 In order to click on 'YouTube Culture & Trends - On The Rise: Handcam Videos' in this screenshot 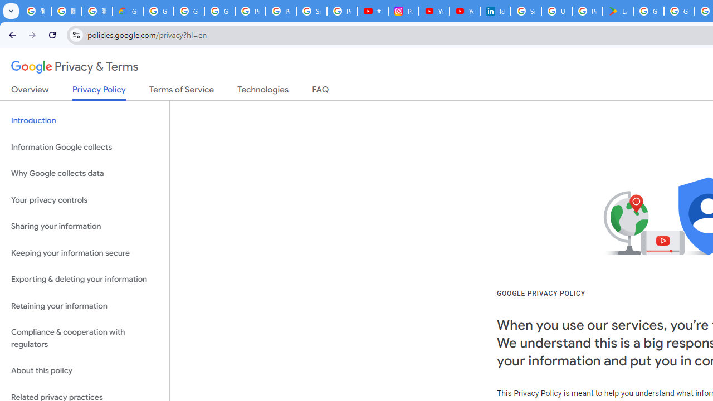, I will do `click(433, 11)`.